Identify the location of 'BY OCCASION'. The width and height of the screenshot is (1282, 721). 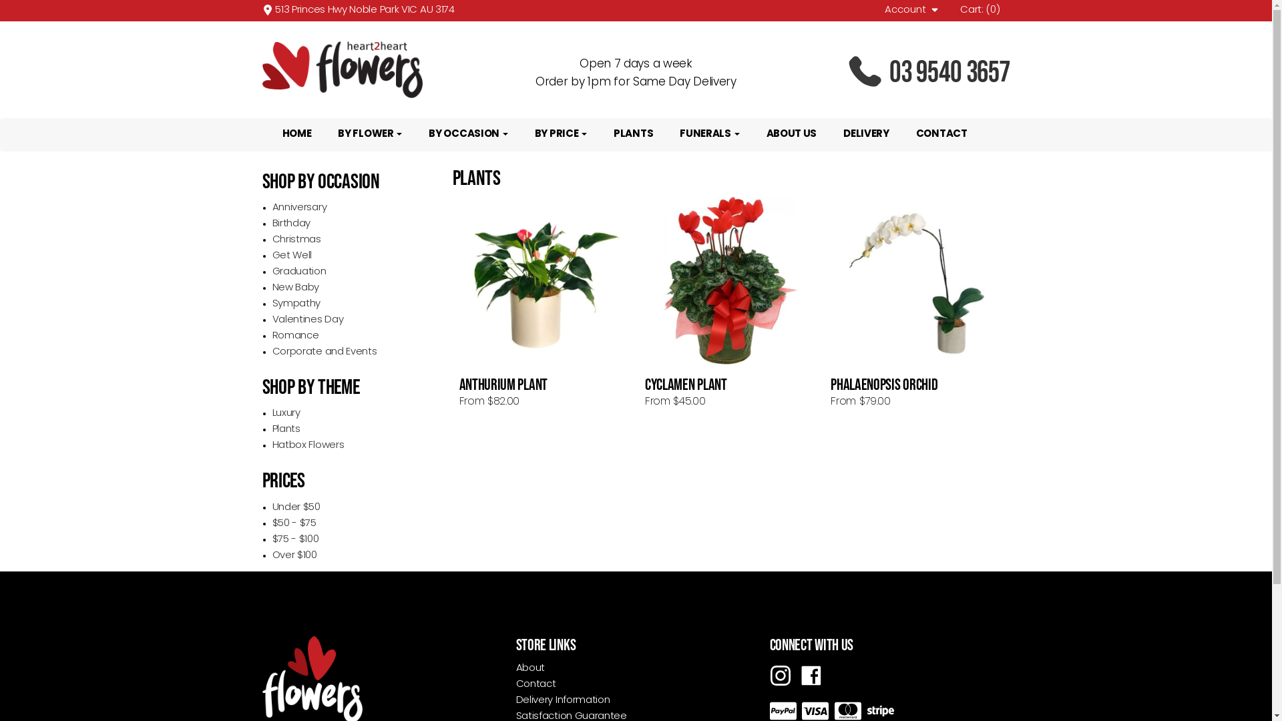
(415, 134).